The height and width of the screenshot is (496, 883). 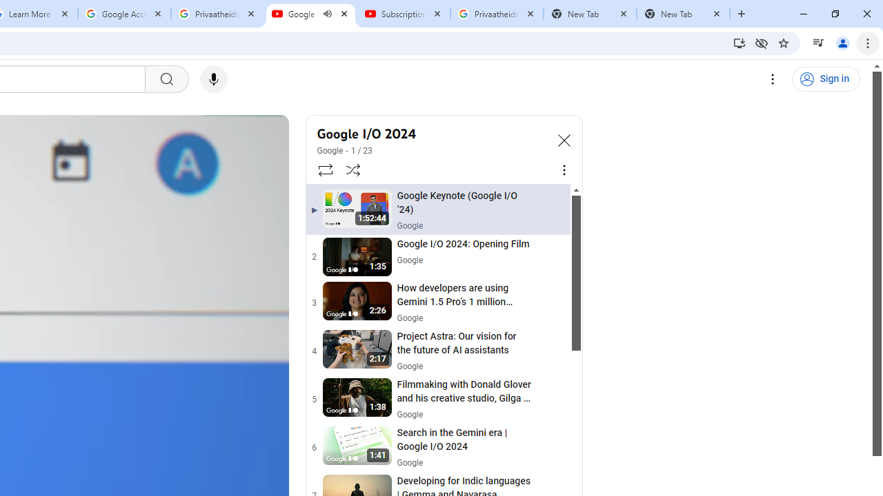 What do you see at coordinates (564, 140) in the screenshot?
I see `'Collapse'` at bounding box center [564, 140].